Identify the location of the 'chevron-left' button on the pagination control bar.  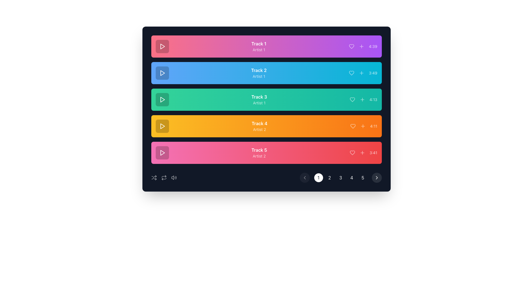
(304, 177).